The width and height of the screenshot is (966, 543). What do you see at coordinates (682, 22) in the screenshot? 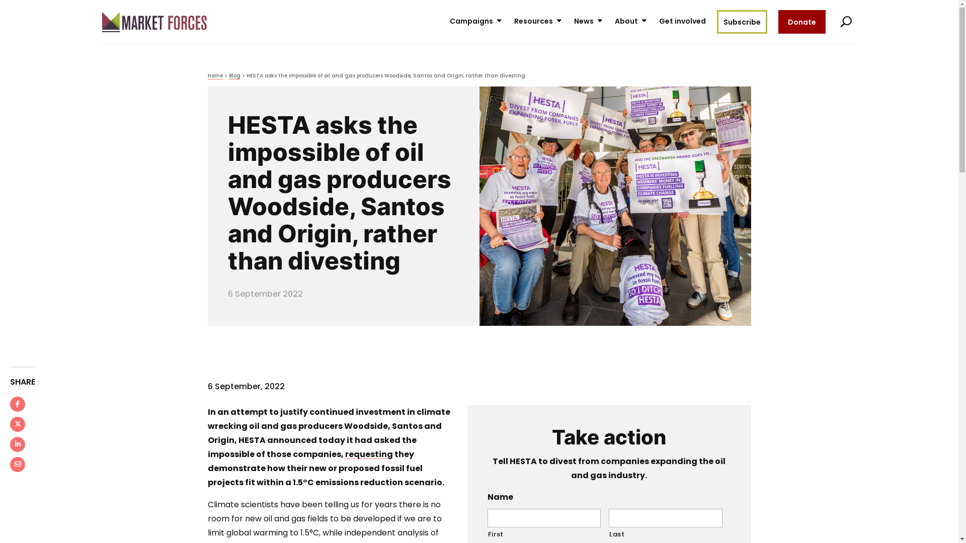
I see `'Get involved'` at bounding box center [682, 22].